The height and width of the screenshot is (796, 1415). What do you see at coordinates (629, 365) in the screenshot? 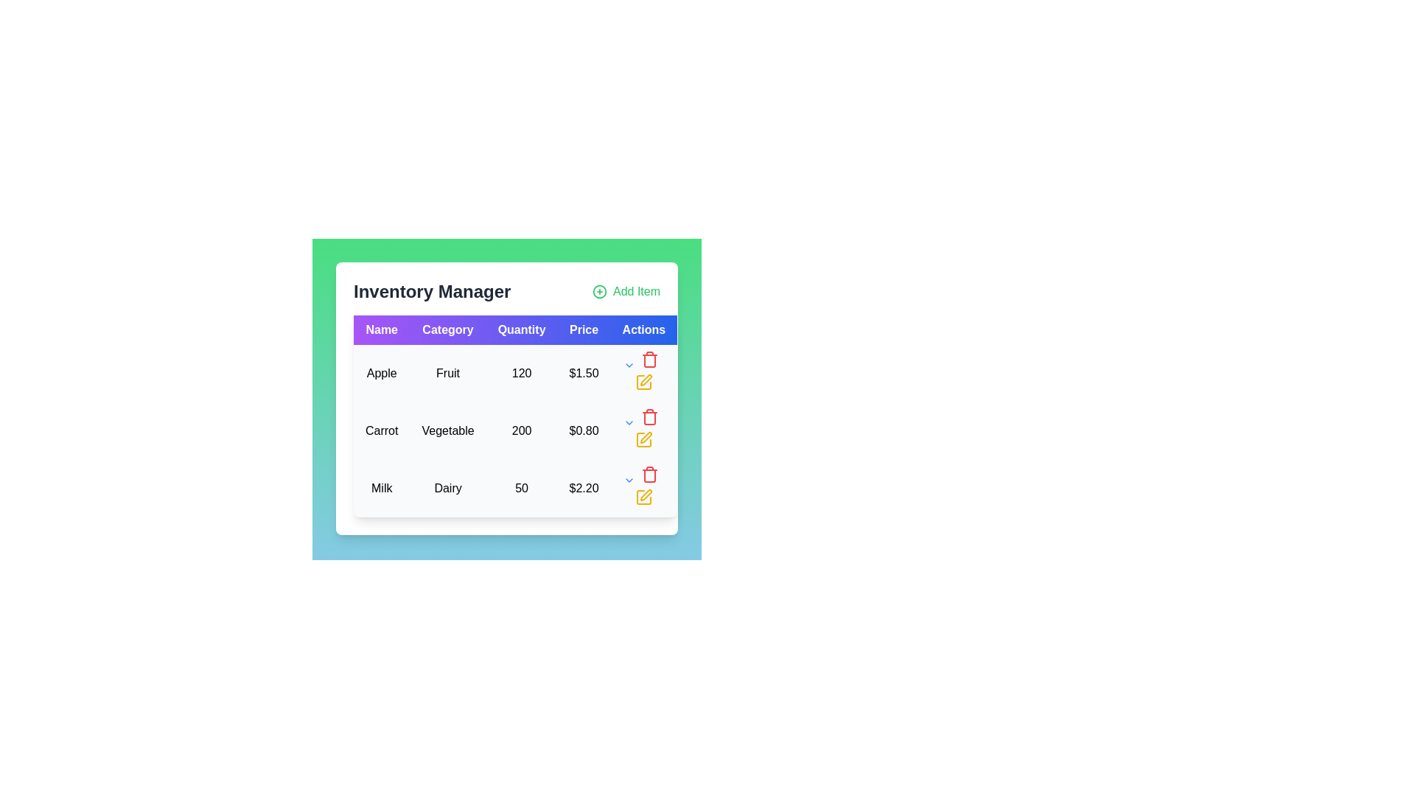
I see `the dropdown toggle chevron icon located on the right side of the second row in the 'Actions' column of the 'Inventory Manager' table` at bounding box center [629, 365].